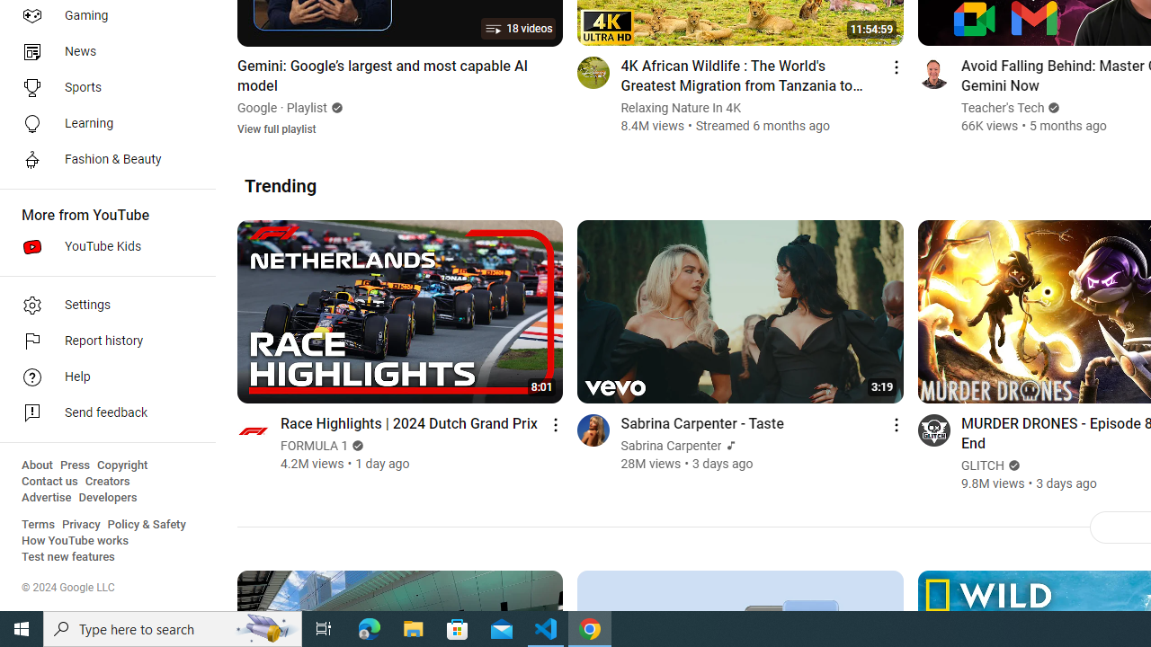 This screenshot has height=647, width=1151. Describe the element at coordinates (46, 498) in the screenshot. I see `'Advertise'` at that location.